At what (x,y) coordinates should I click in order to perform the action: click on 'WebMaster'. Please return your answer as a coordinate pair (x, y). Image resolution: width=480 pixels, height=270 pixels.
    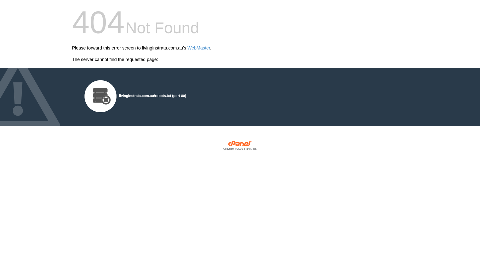
    Looking at the image, I should click on (187, 48).